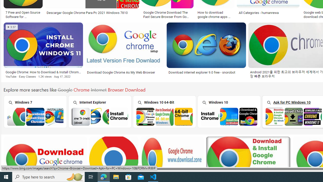 The image size is (323, 182). What do you see at coordinates (229, 111) in the screenshot?
I see `'Chrome Browser Download Windows 10 Windows 10'` at bounding box center [229, 111].